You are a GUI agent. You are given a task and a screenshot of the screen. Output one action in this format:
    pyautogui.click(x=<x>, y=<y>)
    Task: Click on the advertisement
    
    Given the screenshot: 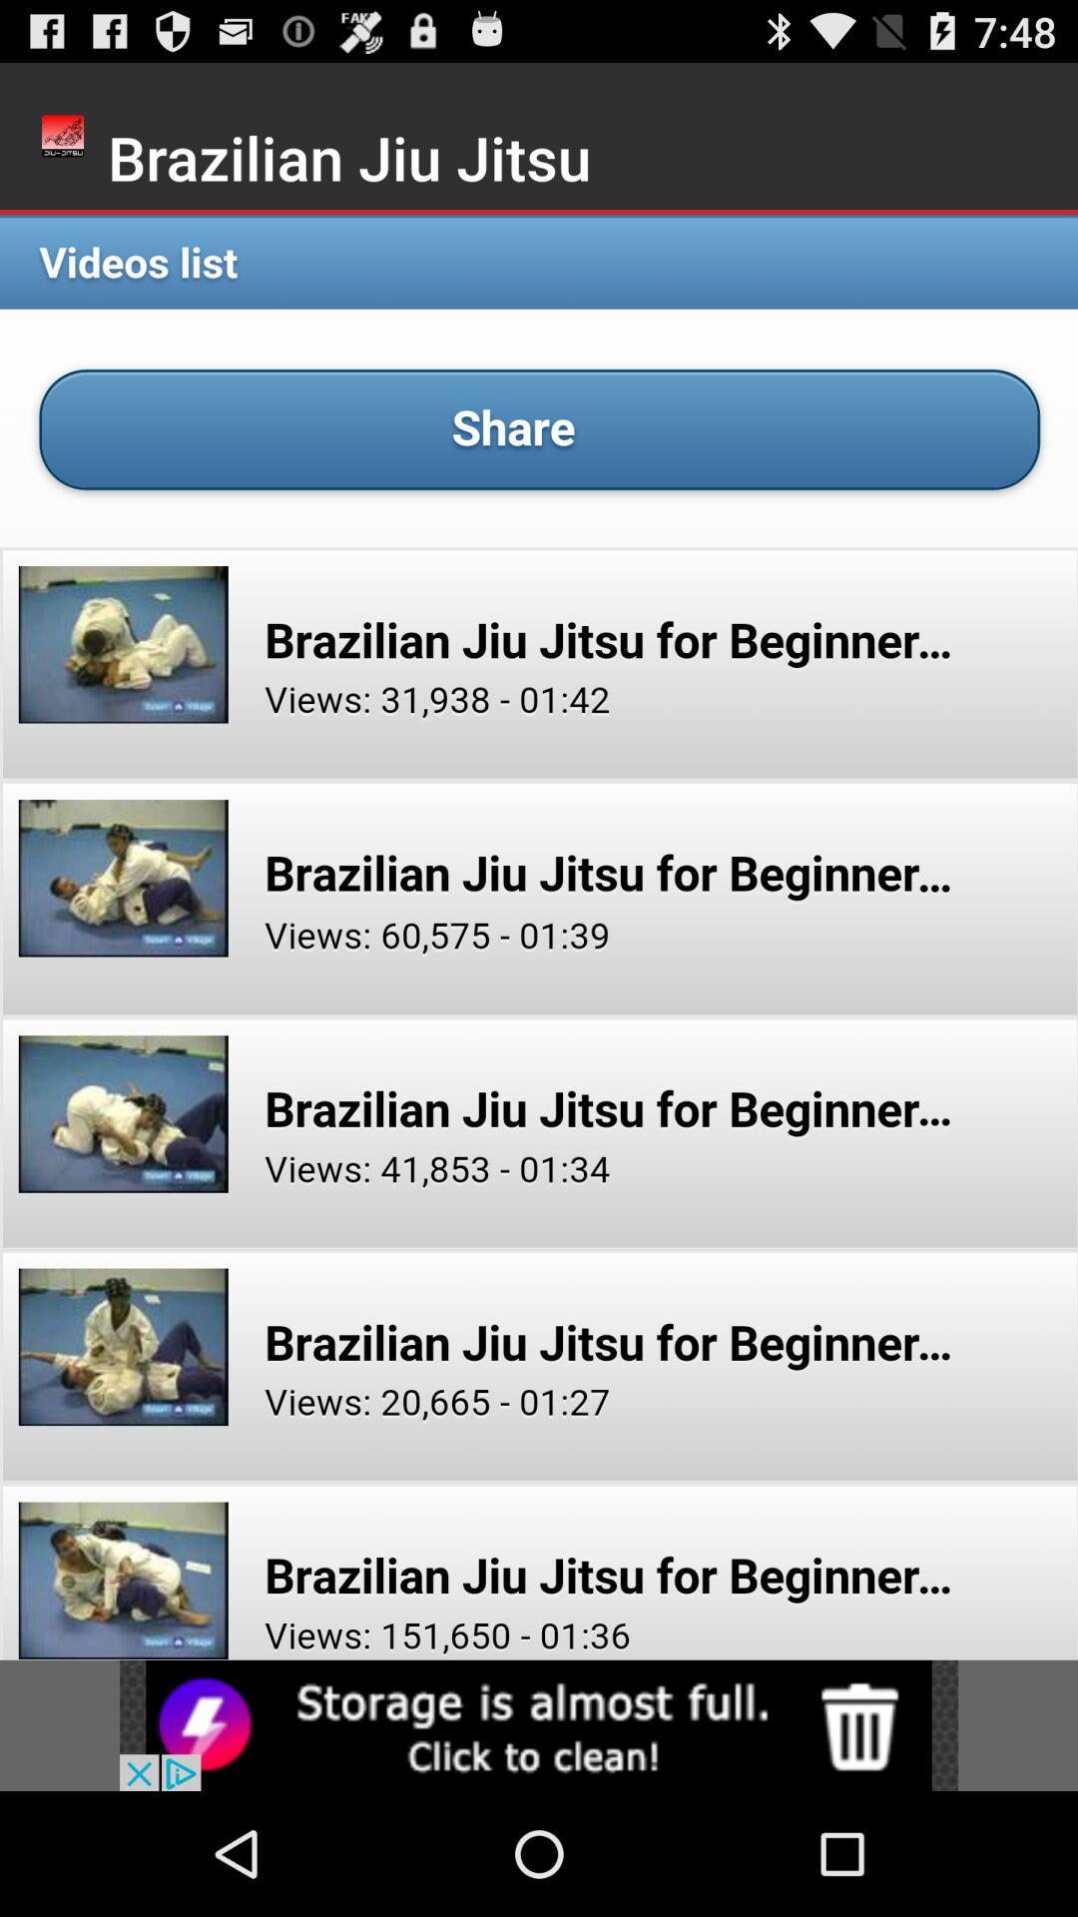 What is the action you would take?
    pyautogui.click(x=539, y=1724)
    